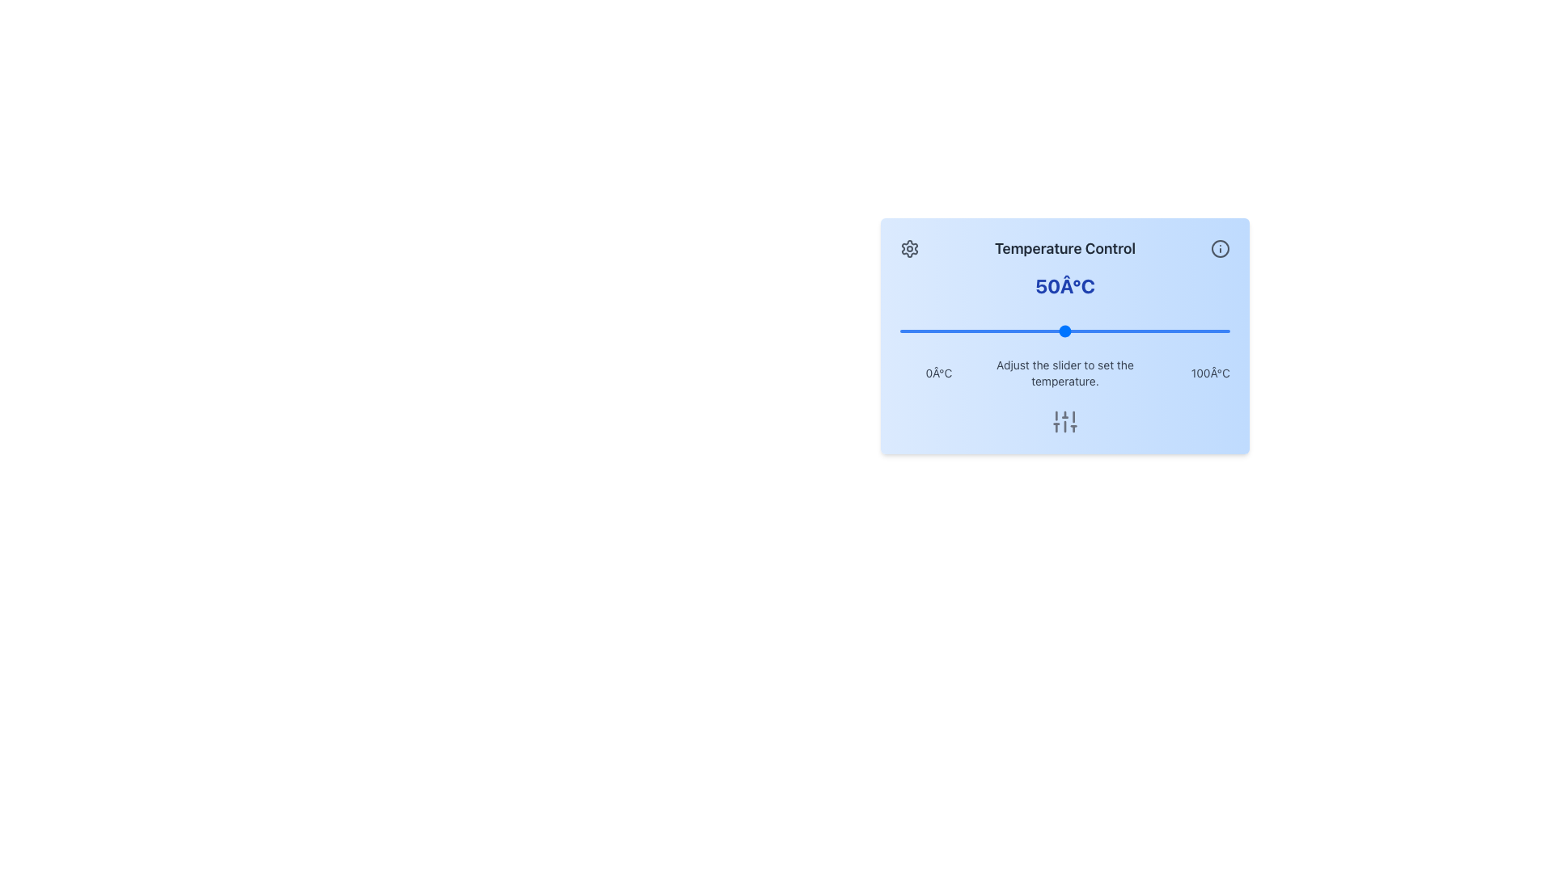 The height and width of the screenshot is (873, 1553). Describe the element at coordinates (1120, 330) in the screenshot. I see `the temperature` at that location.